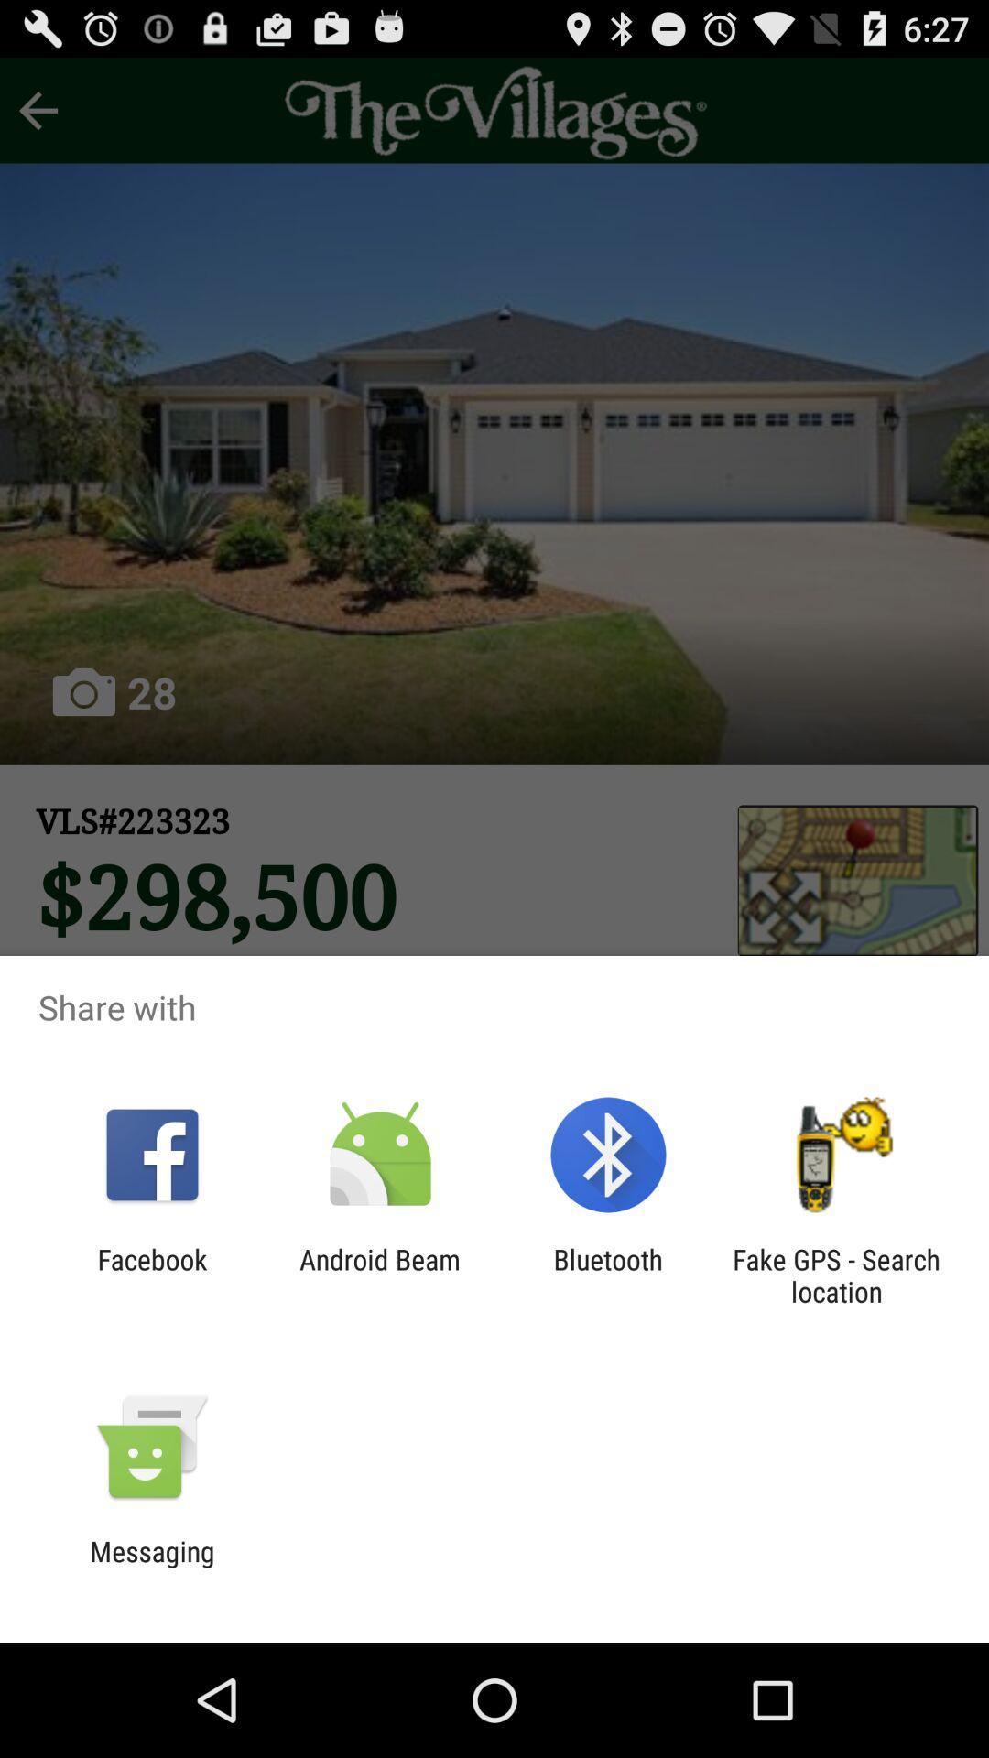  I want to click on the facebook app, so click(151, 1275).